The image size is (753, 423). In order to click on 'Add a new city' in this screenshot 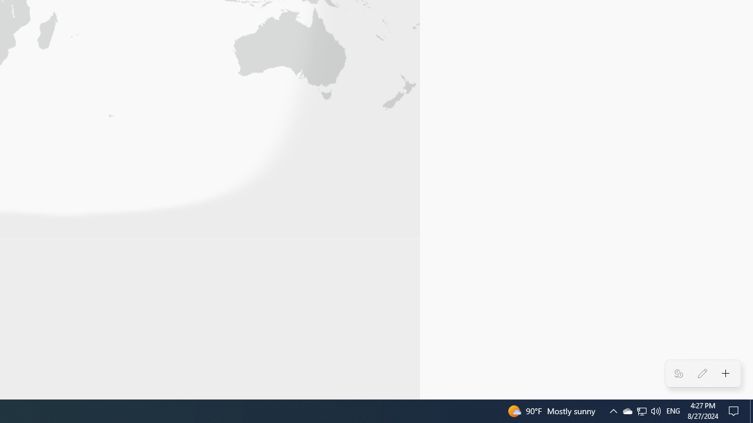, I will do `click(725, 374)`.